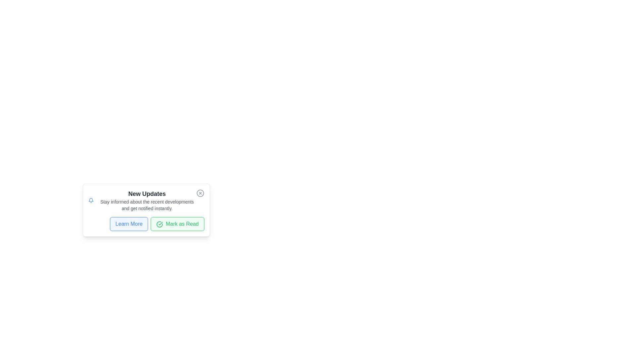  I want to click on the close button located at the top-right corner of the 'New Updates' notification card, so click(200, 193).